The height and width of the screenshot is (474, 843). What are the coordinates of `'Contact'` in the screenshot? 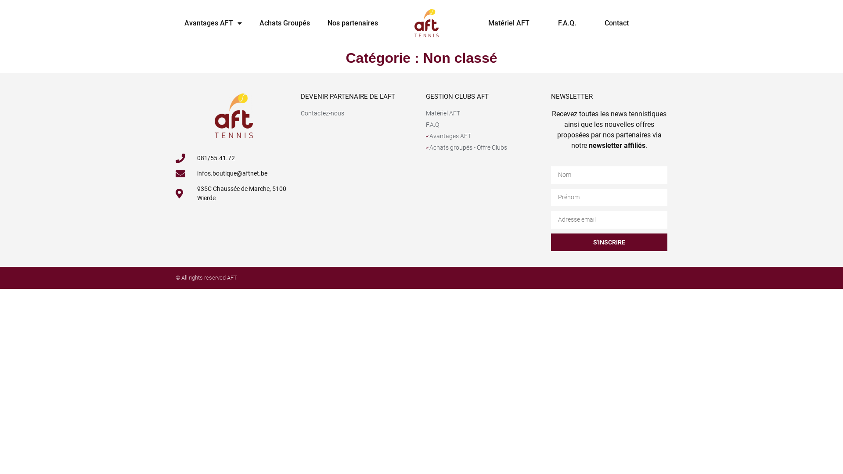 It's located at (616, 23).